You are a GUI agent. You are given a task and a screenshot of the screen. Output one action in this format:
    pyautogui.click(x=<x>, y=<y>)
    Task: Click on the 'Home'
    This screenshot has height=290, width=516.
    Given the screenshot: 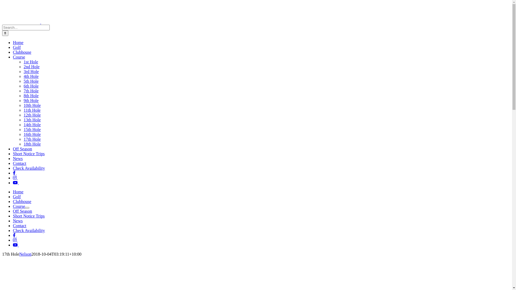 What is the action you would take?
    pyautogui.click(x=18, y=42)
    